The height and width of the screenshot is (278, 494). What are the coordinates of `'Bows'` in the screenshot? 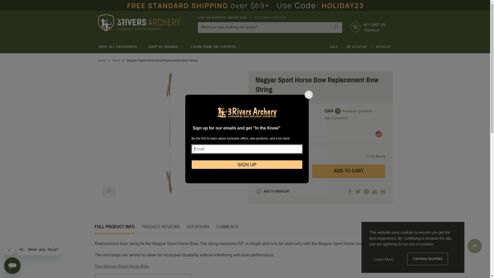 It's located at (116, 60).